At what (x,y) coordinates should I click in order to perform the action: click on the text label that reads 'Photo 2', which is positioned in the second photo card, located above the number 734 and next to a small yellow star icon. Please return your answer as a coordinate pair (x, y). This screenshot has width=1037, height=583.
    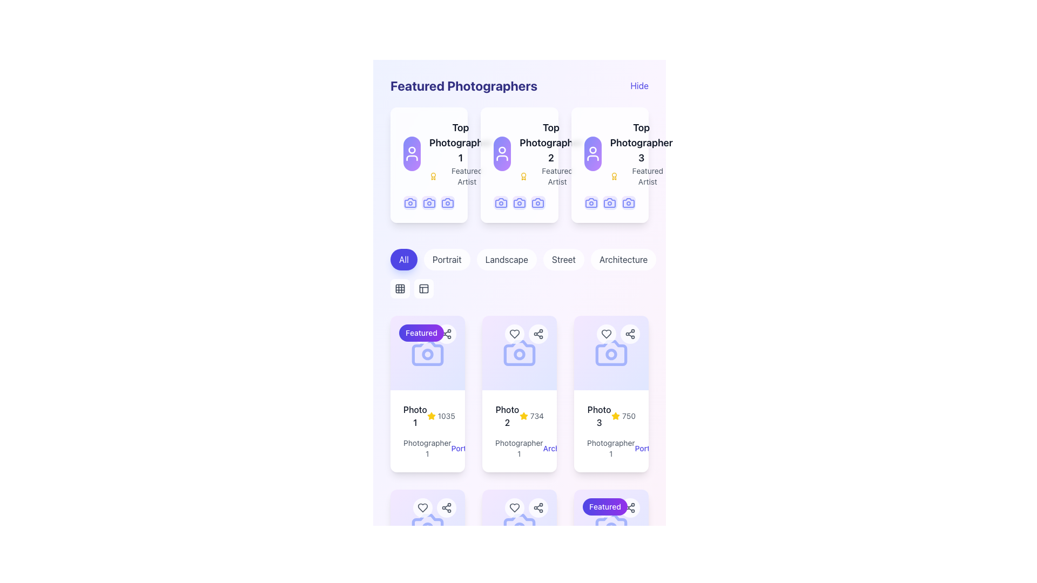
    Looking at the image, I should click on (507, 416).